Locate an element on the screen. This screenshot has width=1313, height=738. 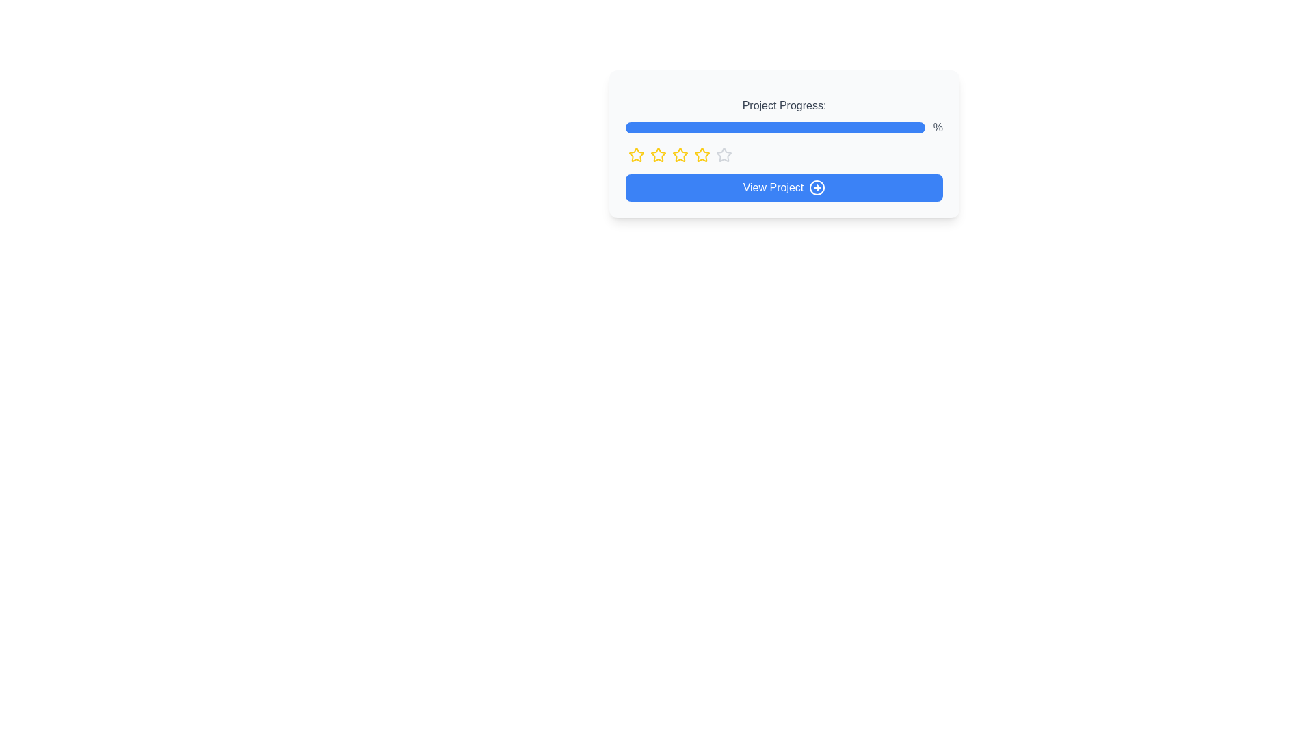
the third yellow star icon in the rating stars to set or change the rating is located at coordinates (680, 154).